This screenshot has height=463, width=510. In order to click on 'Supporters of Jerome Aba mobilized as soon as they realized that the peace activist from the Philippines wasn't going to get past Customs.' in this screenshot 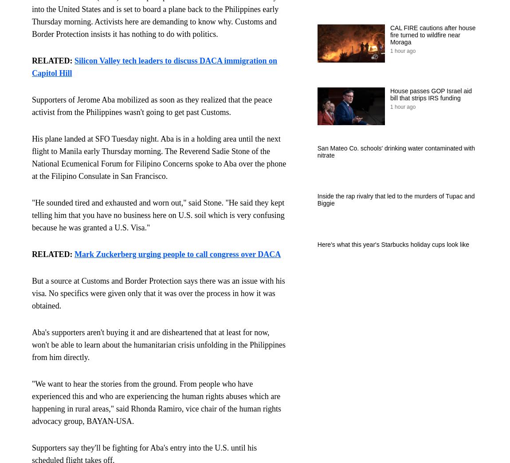, I will do `click(31, 106)`.